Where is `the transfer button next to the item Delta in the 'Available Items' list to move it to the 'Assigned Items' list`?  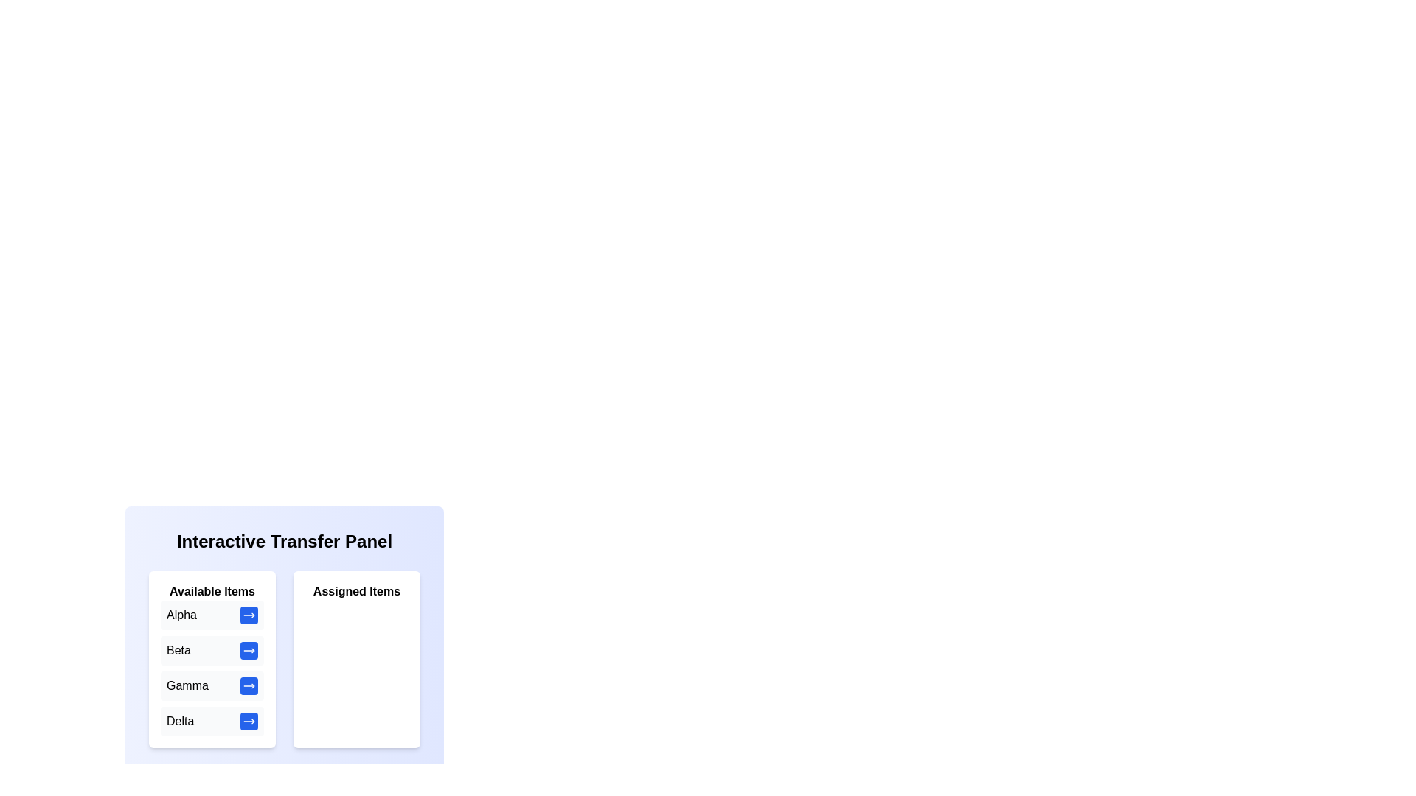
the transfer button next to the item Delta in the 'Available Items' list to move it to the 'Assigned Items' list is located at coordinates (249, 721).